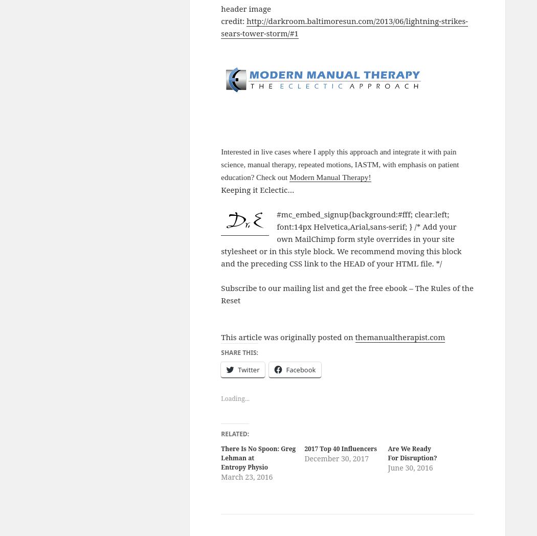 The height and width of the screenshot is (536, 537). Describe the element at coordinates (220, 398) in the screenshot. I see `'Loading...'` at that location.